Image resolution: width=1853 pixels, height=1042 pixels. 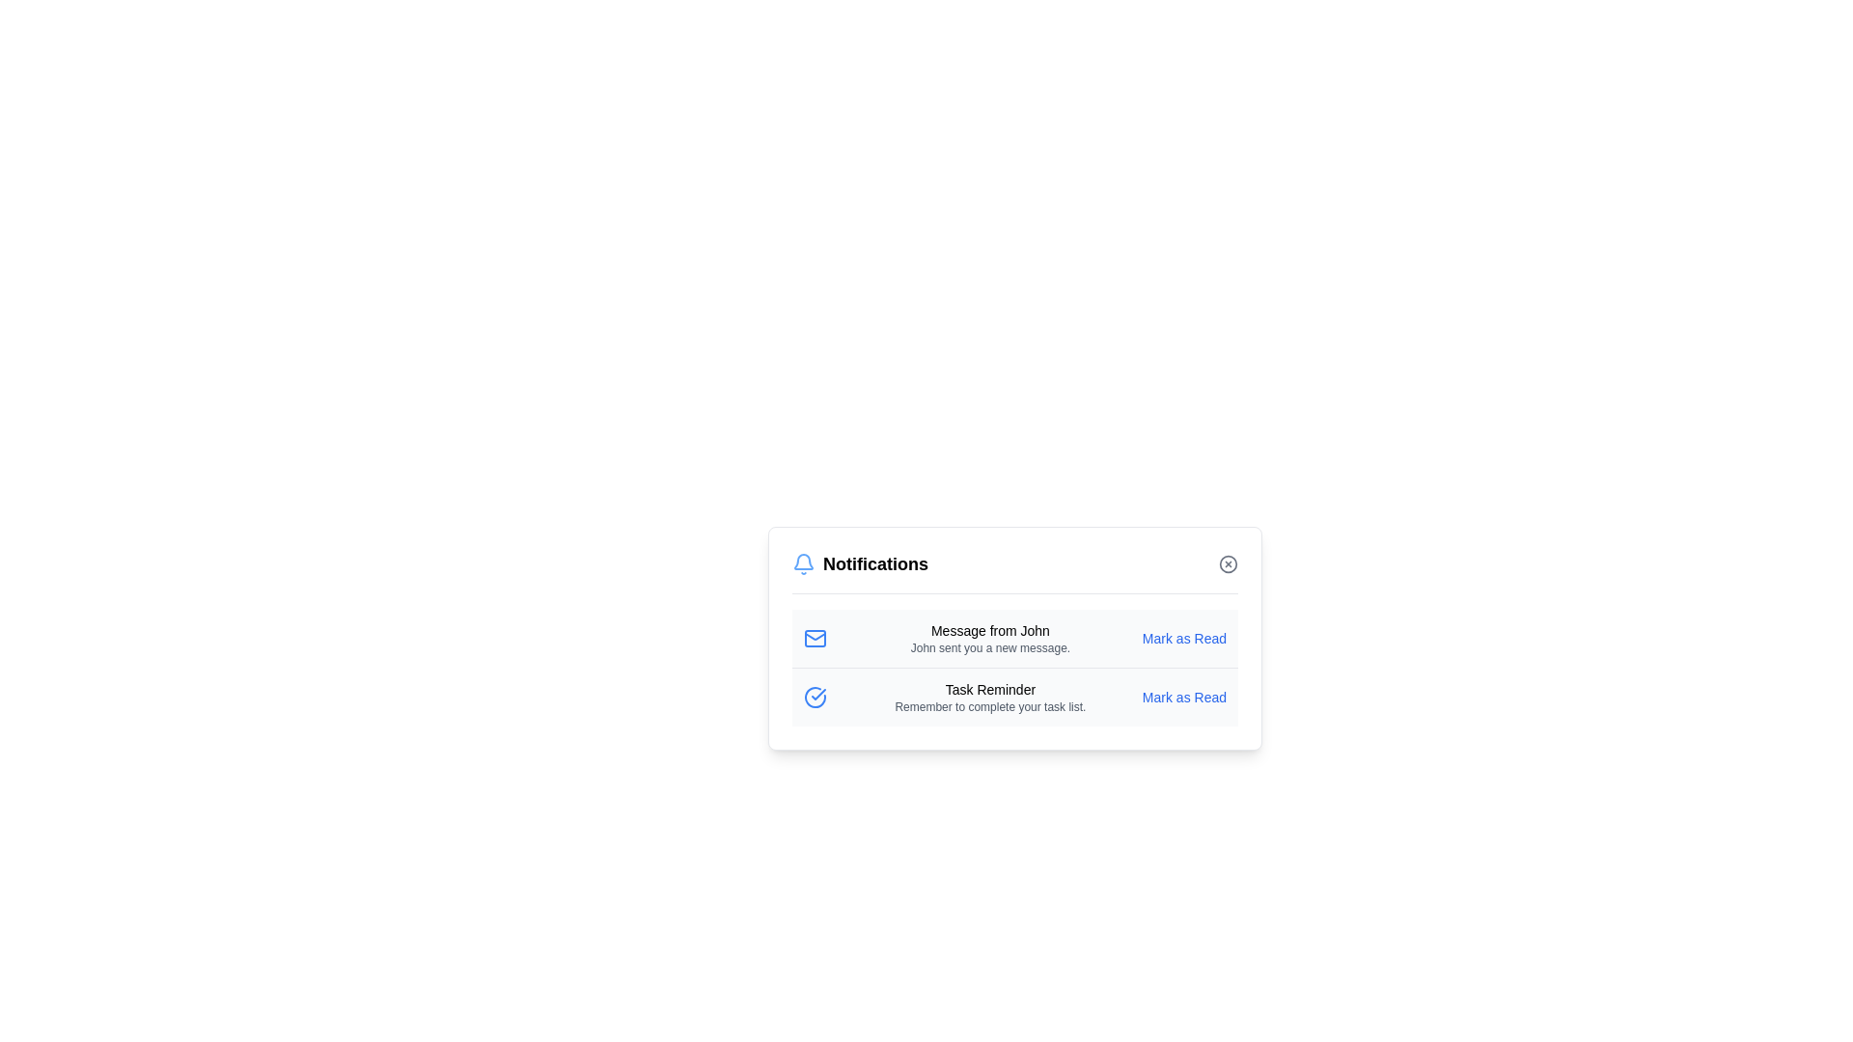 What do you see at coordinates (990, 697) in the screenshot?
I see `the 'Task Reminder' text block, which consists of a bold title and an informative message, located in the second row of the notification list` at bounding box center [990, 697].